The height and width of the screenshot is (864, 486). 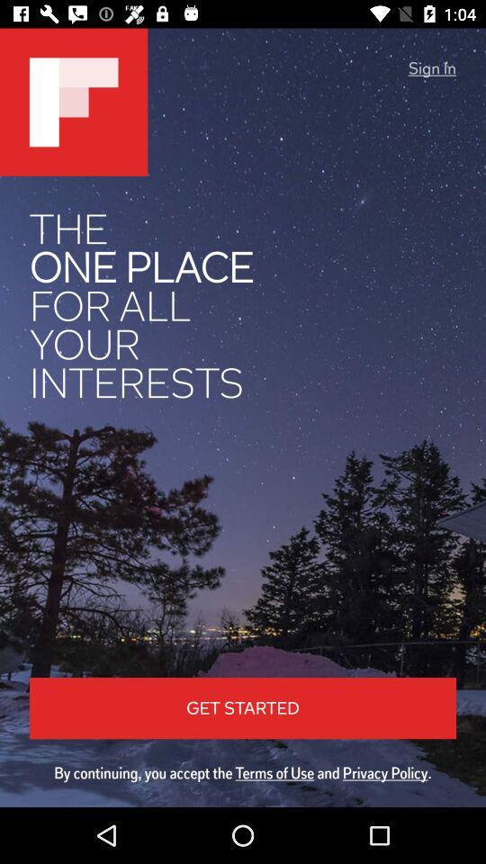 What do you see at coordinates (431, 68) in the screenshot?
I see `the sign in item` at bounding box center [431, 68].